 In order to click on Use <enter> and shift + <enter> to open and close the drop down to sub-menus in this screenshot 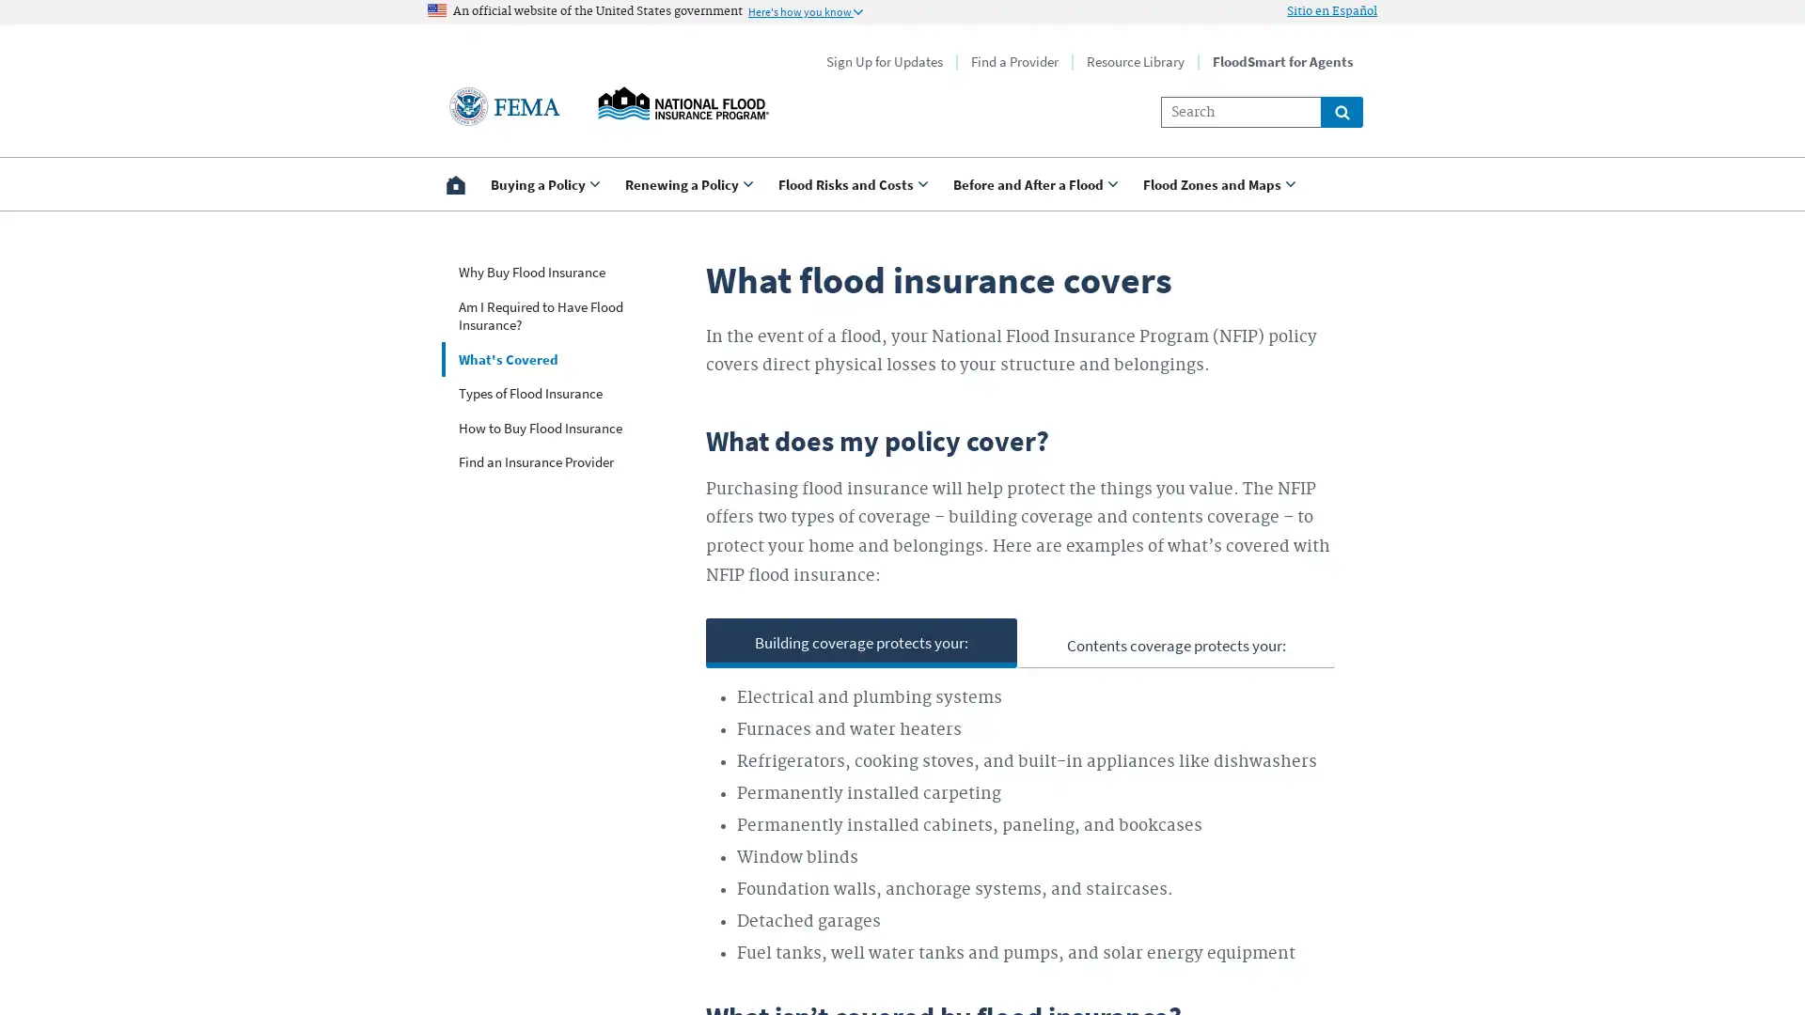, I will do `click(547, 183)`.